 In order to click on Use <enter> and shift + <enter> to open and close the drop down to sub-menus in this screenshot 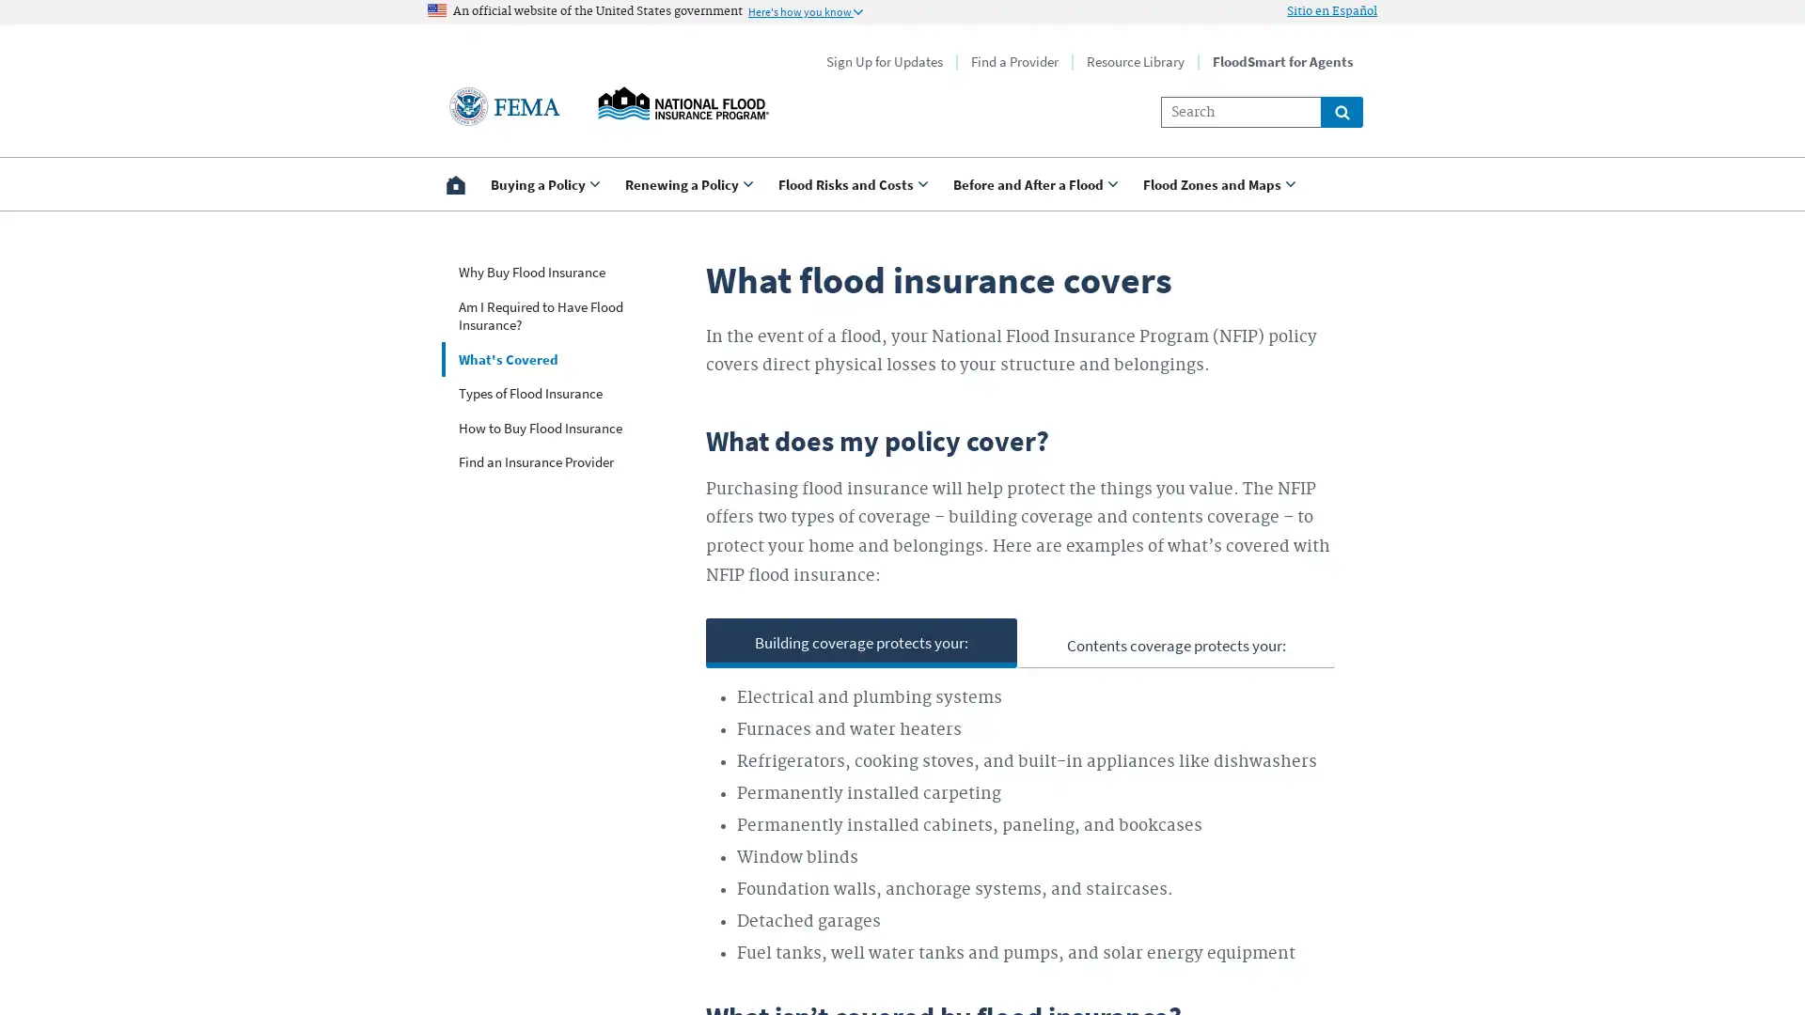, I will do `click(547, 183)`.